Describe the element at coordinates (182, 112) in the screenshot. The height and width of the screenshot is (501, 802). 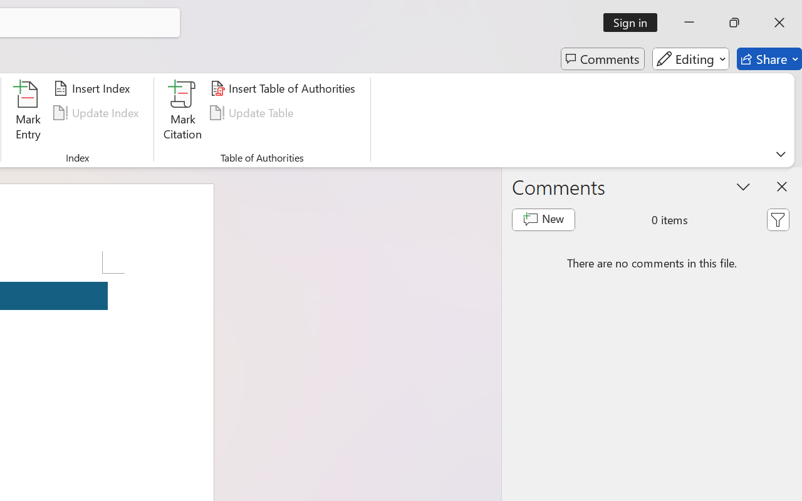
I see `'Mark Citation...'` at that location.